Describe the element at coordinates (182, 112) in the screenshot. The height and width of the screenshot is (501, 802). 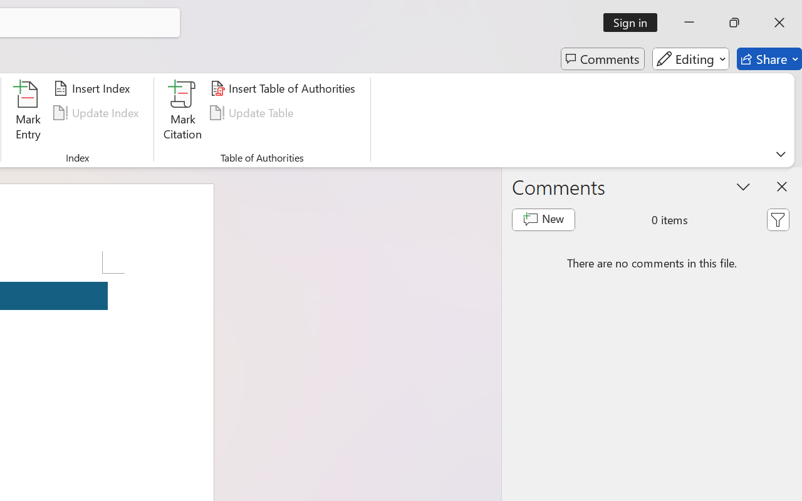
I see `'Mark Citation...'` at that location.